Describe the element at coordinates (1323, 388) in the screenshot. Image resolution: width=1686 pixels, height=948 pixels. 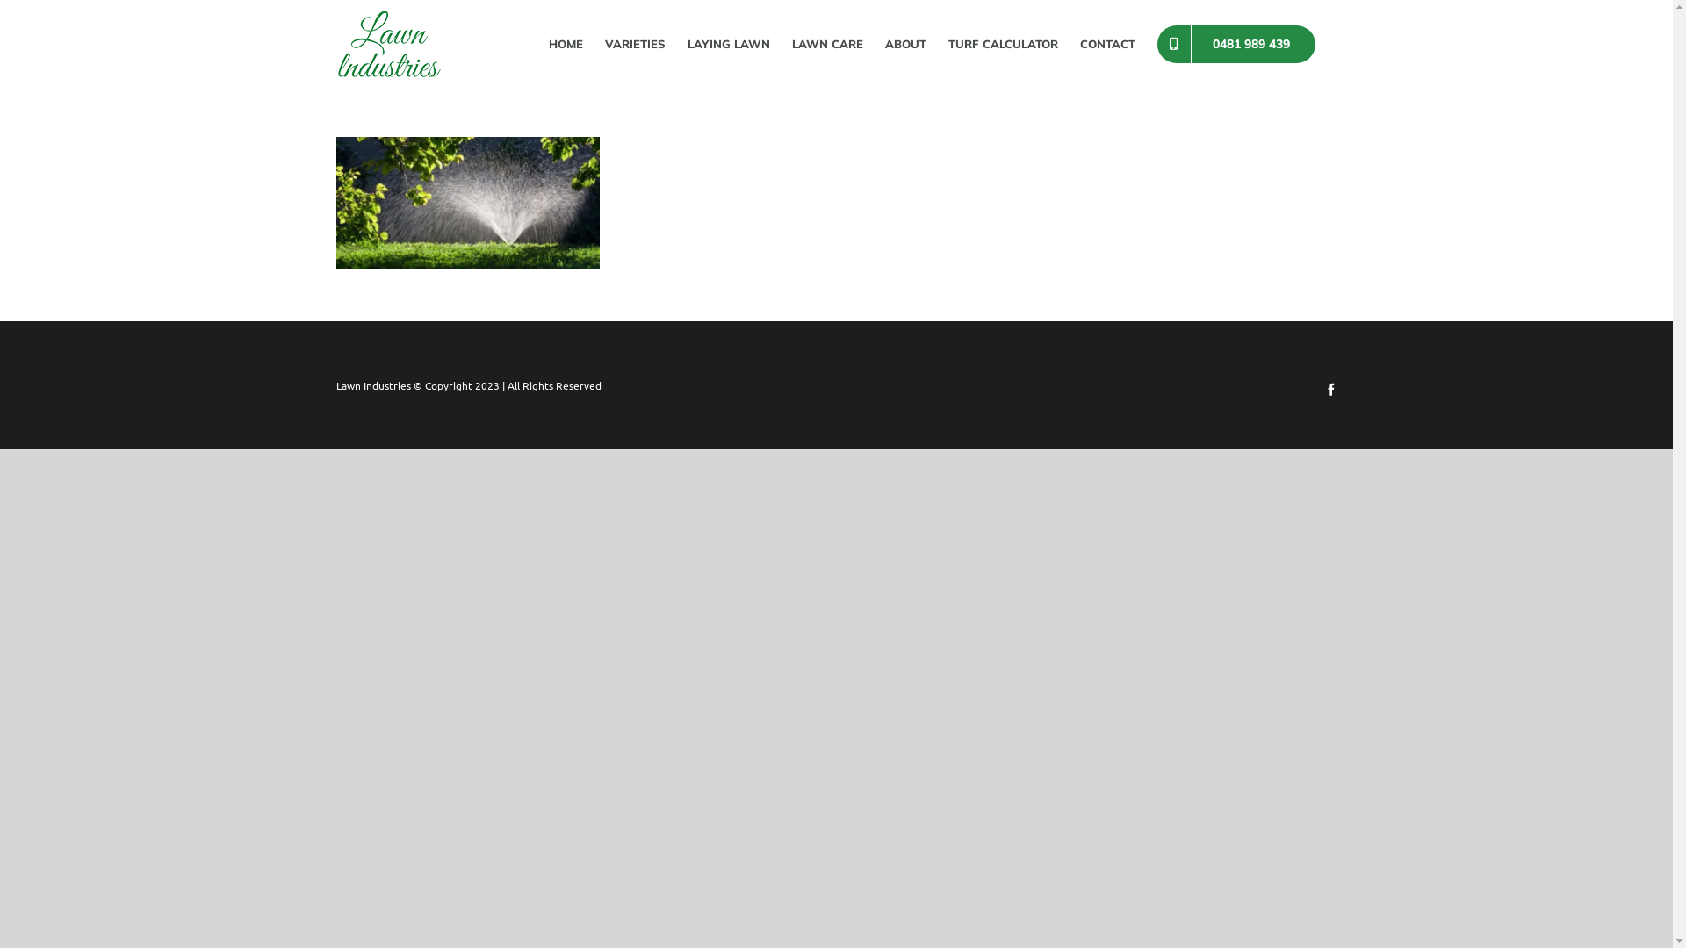
I see `'Facebook'` at that location.